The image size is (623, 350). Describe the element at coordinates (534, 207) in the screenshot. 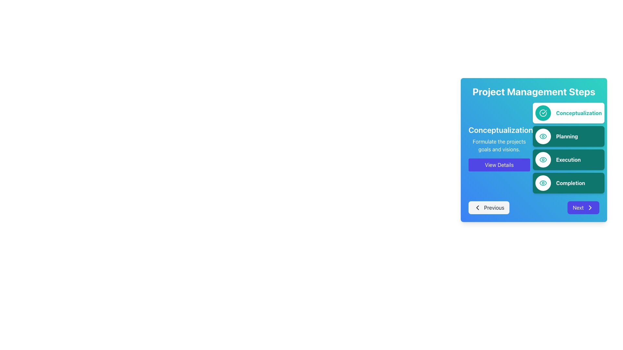

I see `the 'Next' button, which has a blue background and is part of the navigational control at the bottom of the 'Project Management Steps' panel` at that location.